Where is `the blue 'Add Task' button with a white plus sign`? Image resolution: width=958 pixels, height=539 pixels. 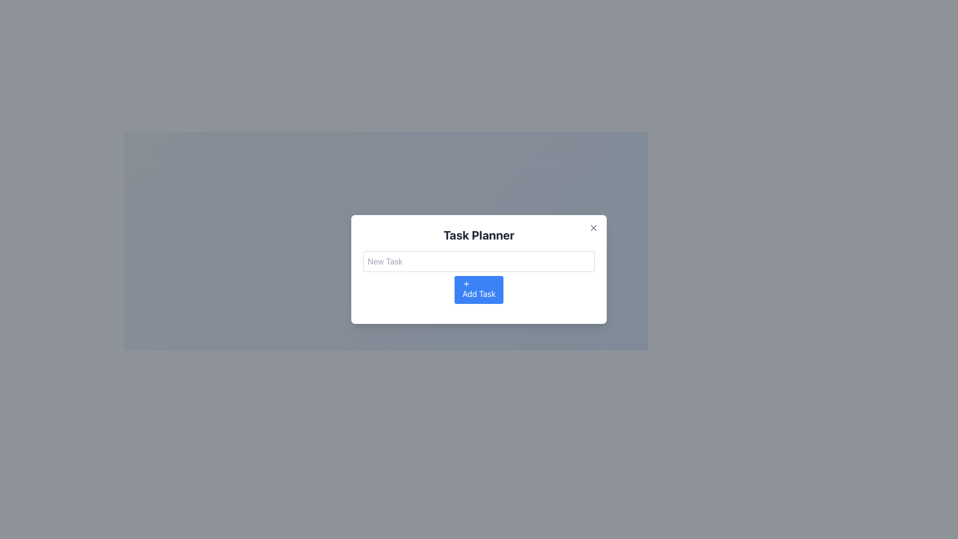 the blue 'Add Task' button with a white plus sign is located at coordinates (479, 290).